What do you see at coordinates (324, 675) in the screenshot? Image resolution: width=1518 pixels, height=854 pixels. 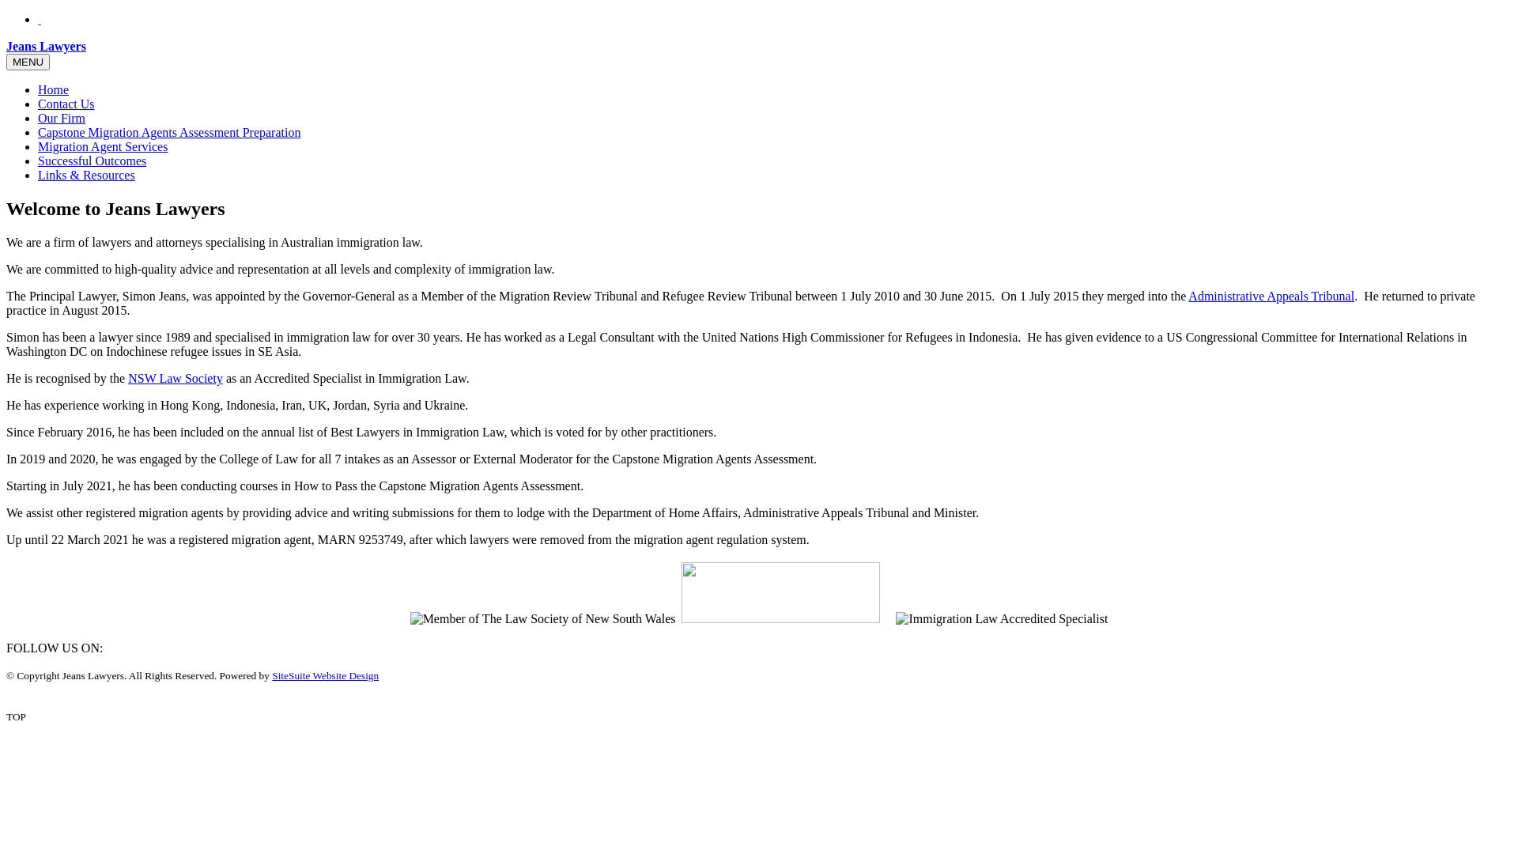 I see `'SiteSuite Website Design'` at bounding box center [324, 675].